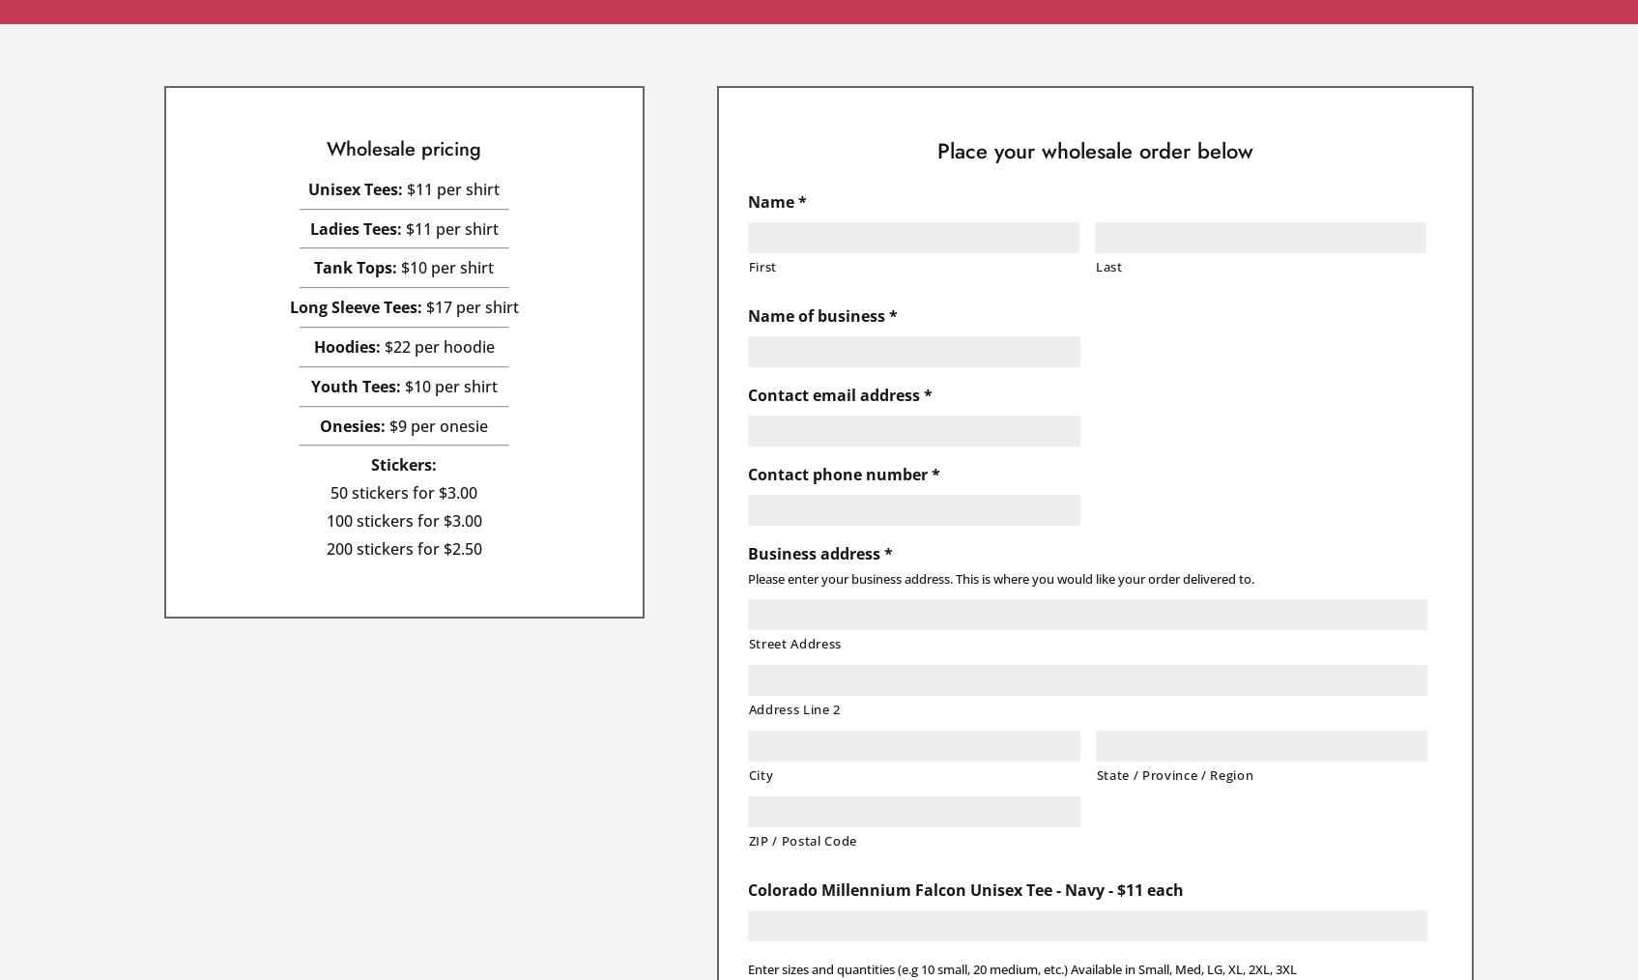  I want to click on '$17 per shirt', so click(468, 306).